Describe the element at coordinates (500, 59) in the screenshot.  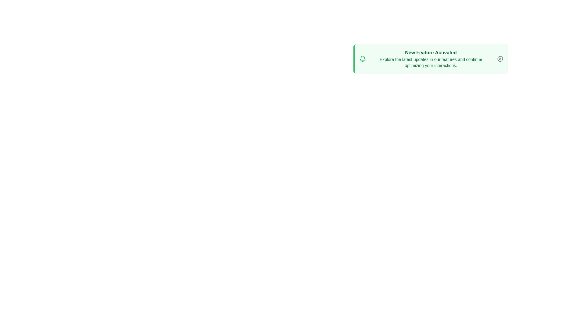
I see `the circular close button icon located in the top-right corner of the notification panel` at that location.